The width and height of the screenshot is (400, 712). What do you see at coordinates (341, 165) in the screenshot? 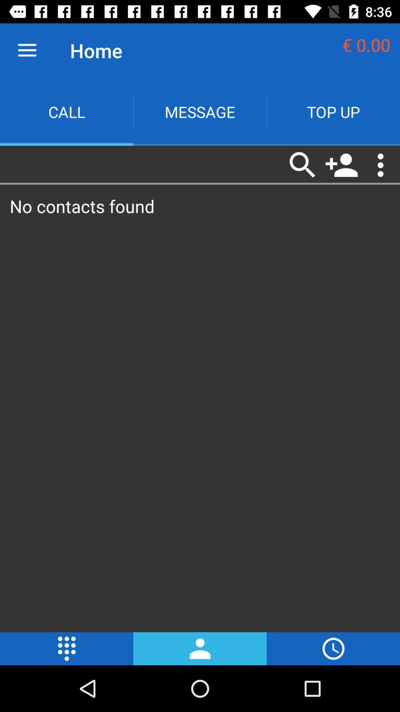
I see `the follow icon` at bounding box center [341, 165].